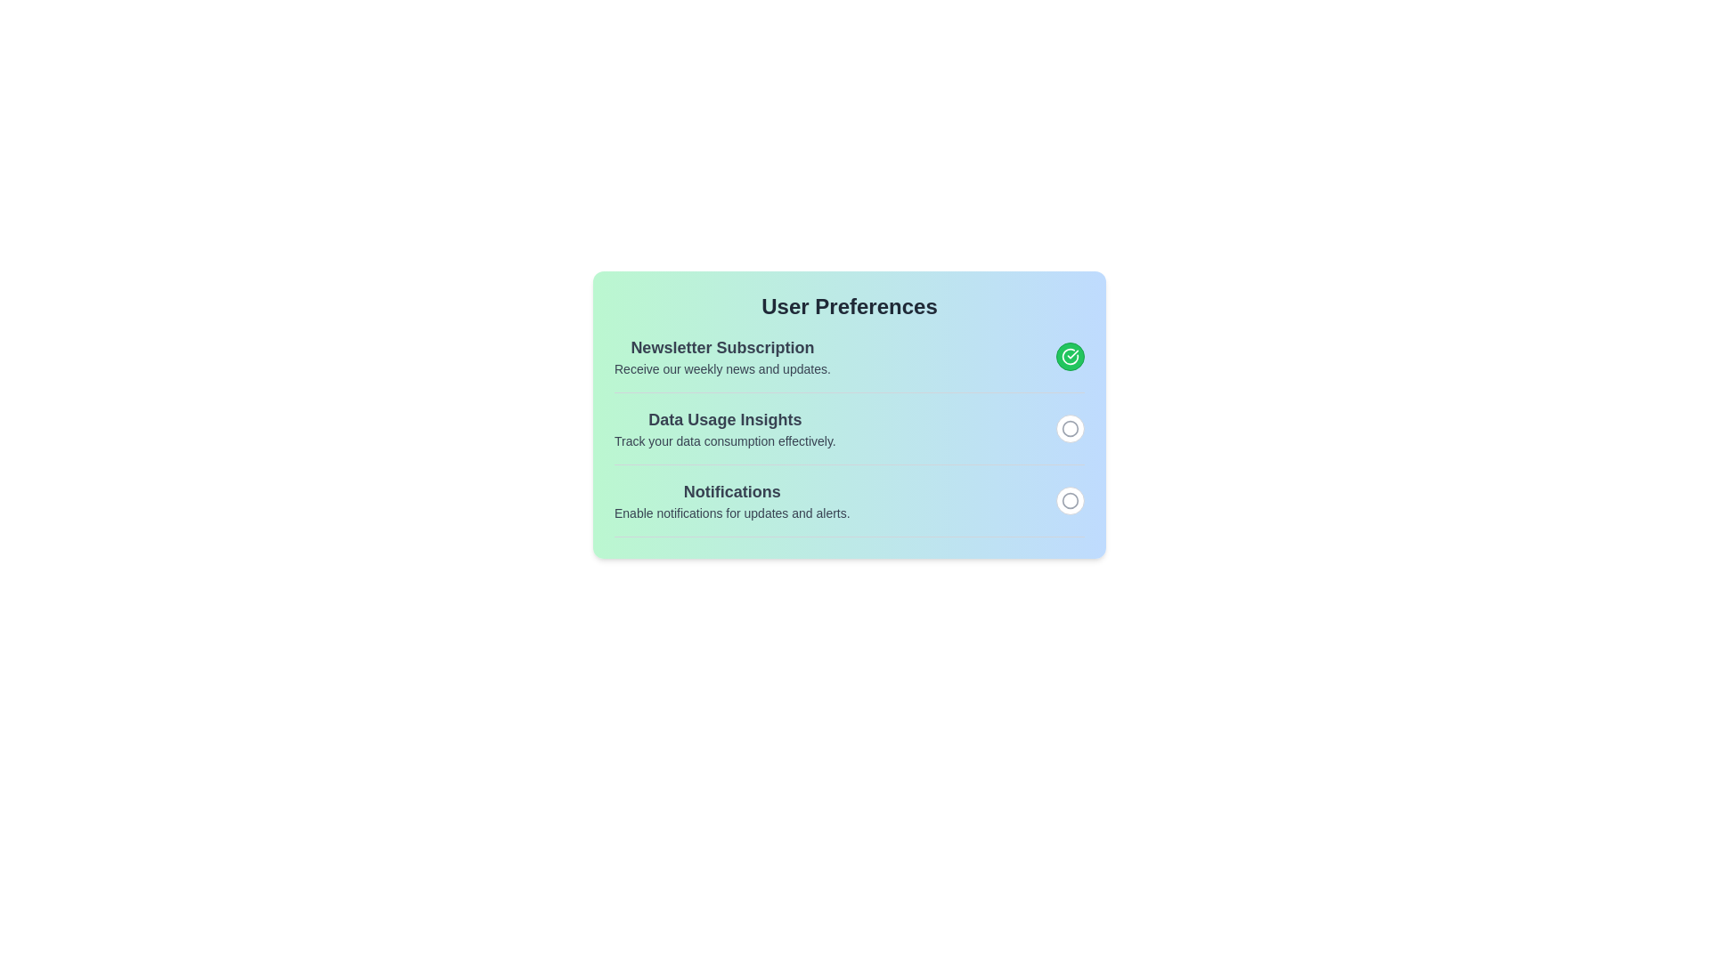 Image resolution: width=1710 pixels, height=961 pixels. I want to click on the static text element that reads 'Track your data consumption effectively', located beneath the heading 'Data Usage Insights' in the user preference section, so click(725, 440).